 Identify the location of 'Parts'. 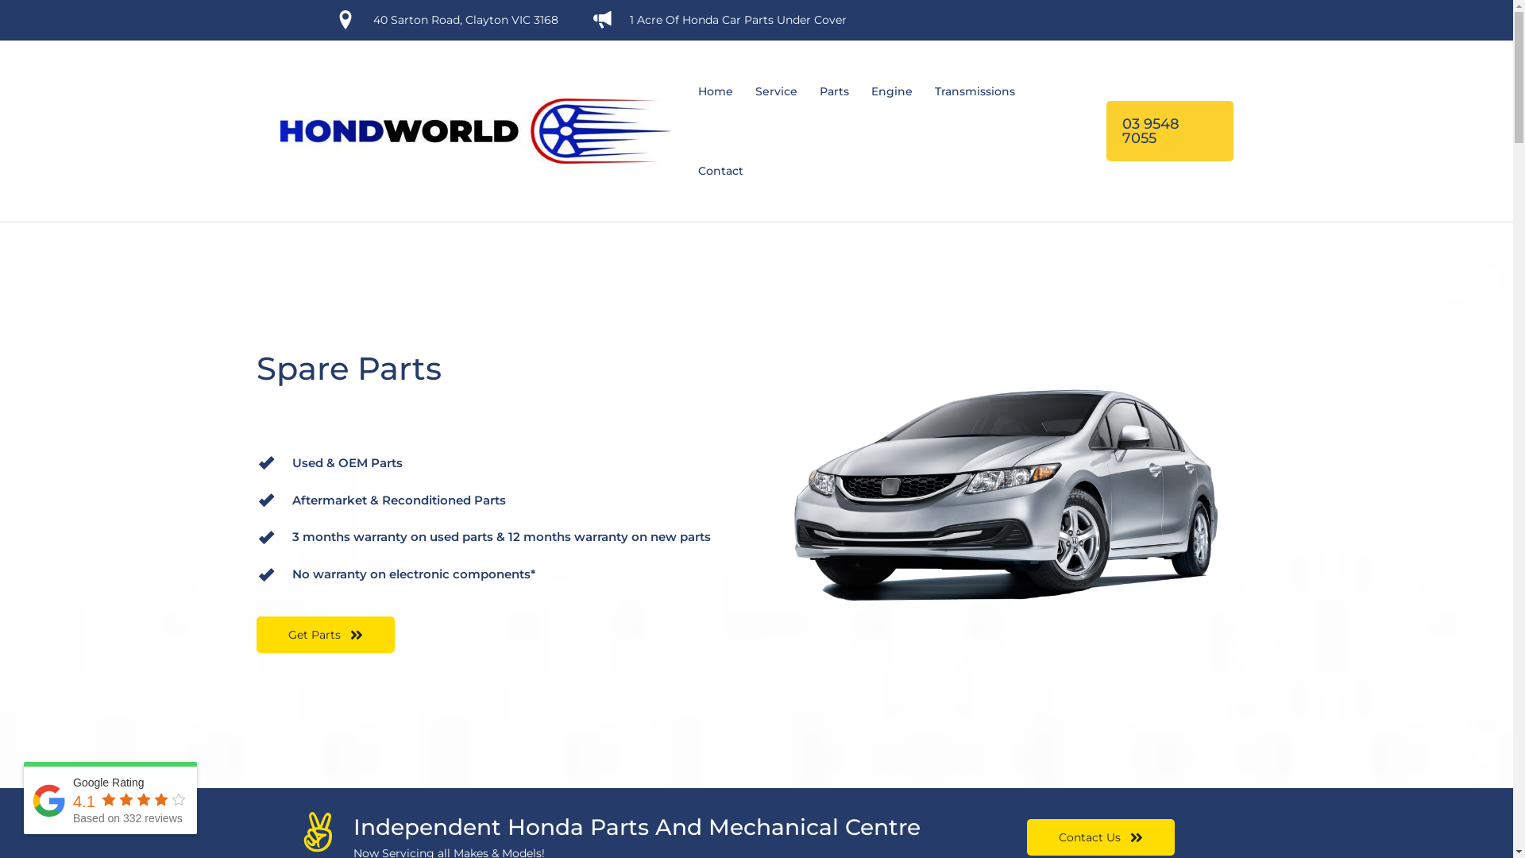
(833, 91).